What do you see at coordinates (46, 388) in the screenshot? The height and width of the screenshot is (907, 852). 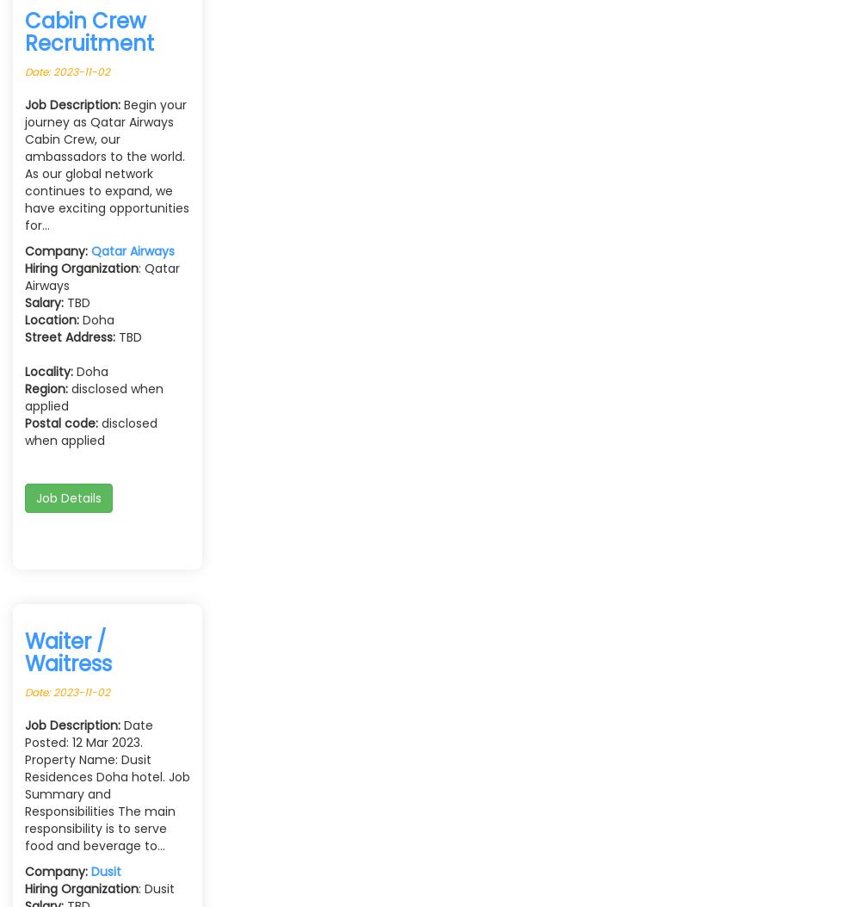 I see `'Region:'` at bounding box center [46, 388].